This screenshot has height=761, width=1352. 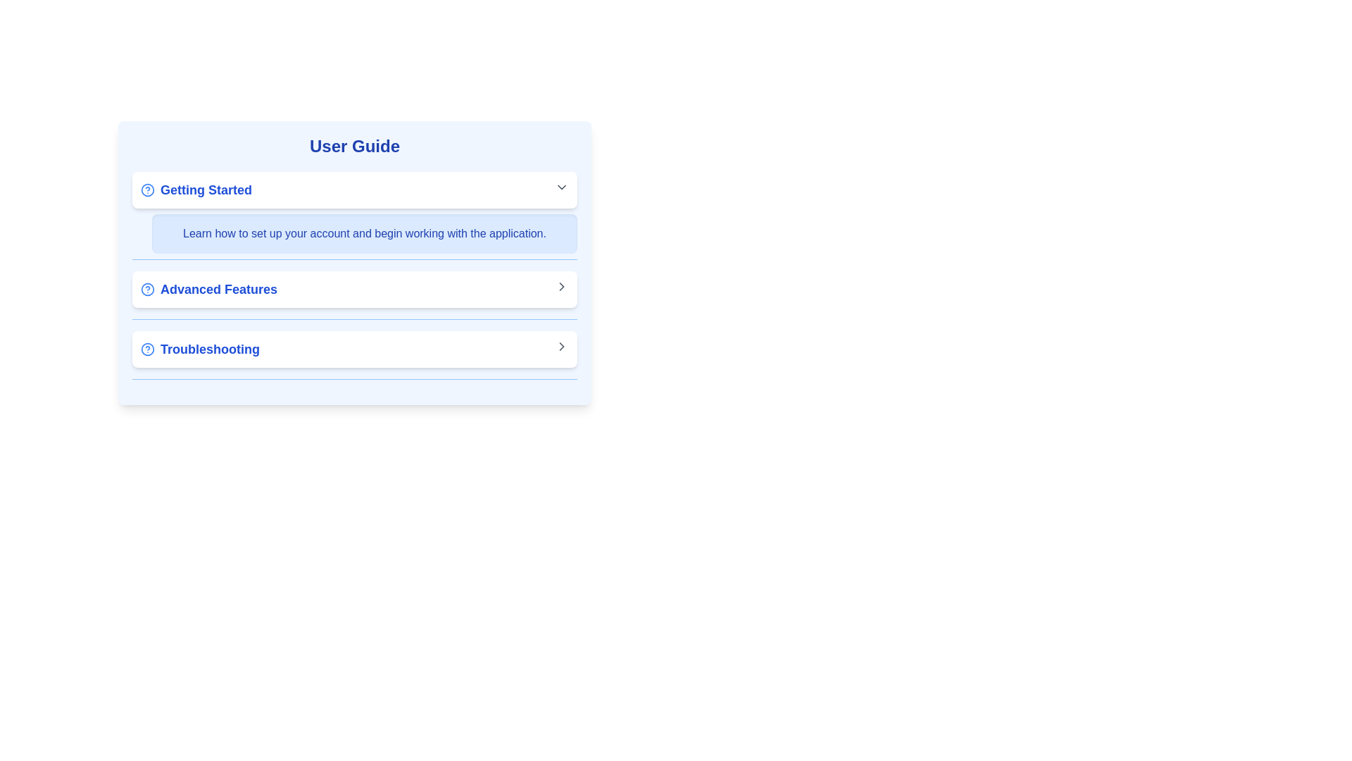 I want to click on the 'Troubleshooting' navigation option, which is the second entry under 'User Guide,', so click(x=199, y=349).